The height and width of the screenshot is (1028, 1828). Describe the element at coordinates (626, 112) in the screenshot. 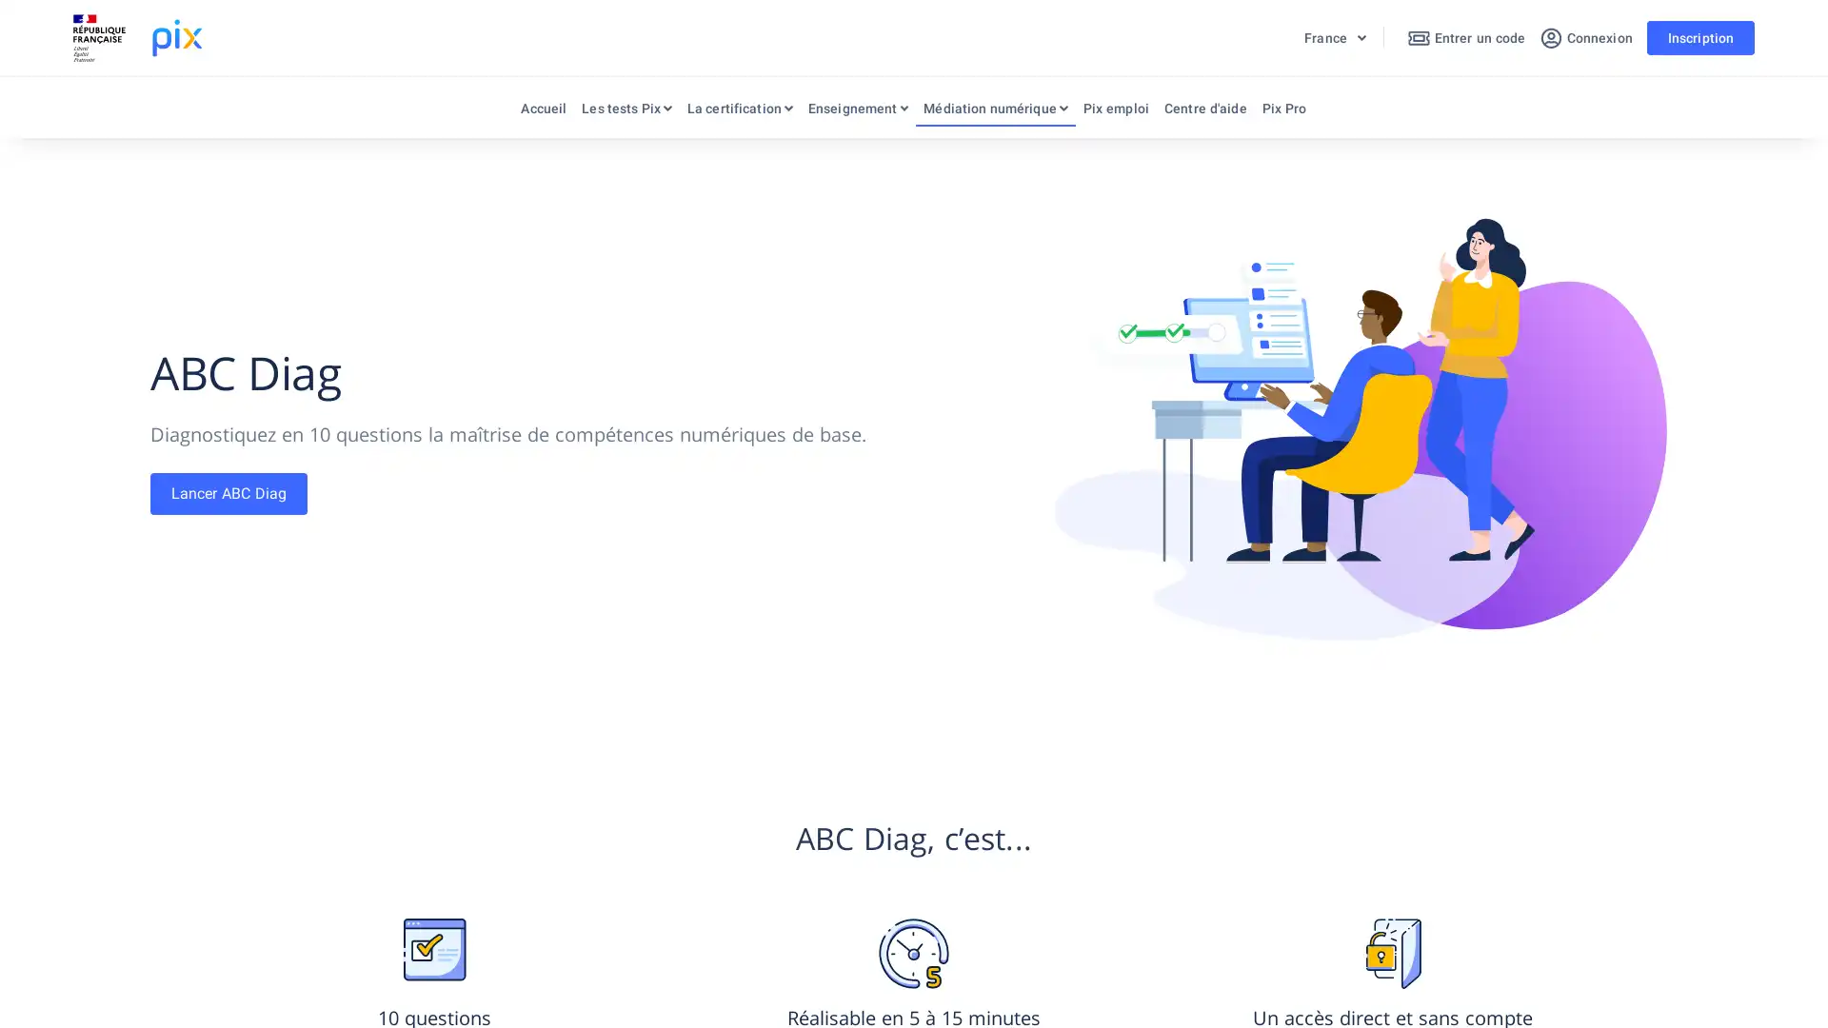

I see `Les tests Pix` at that location.